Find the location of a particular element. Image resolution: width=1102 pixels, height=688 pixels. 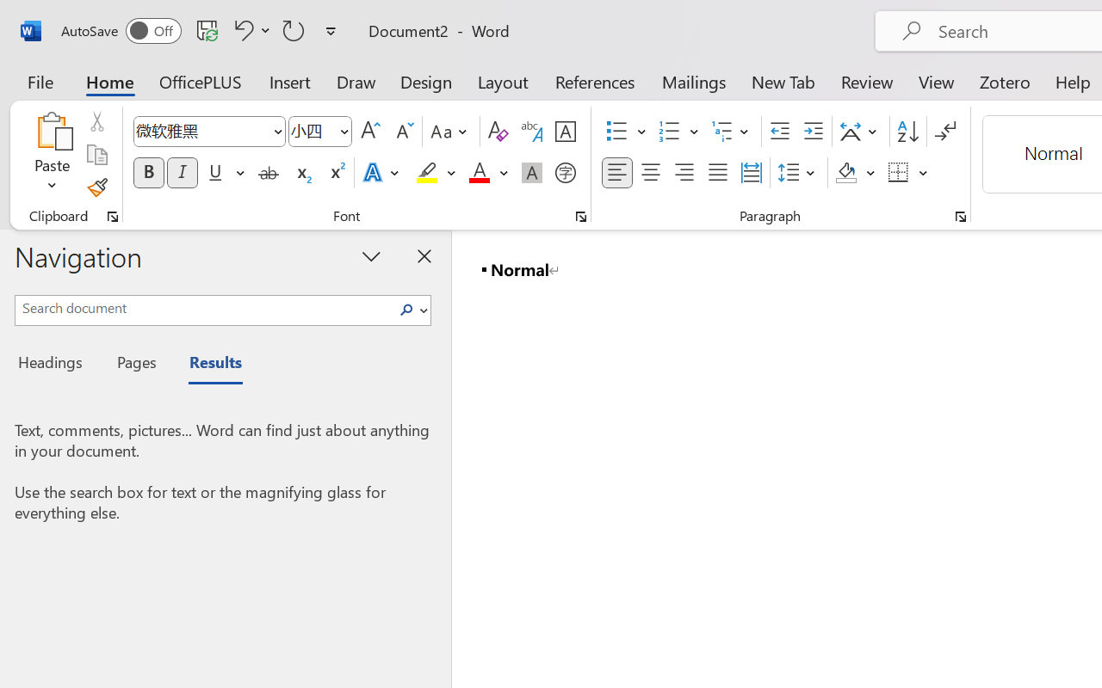

'Copy' is located at coordinates (96, 154).